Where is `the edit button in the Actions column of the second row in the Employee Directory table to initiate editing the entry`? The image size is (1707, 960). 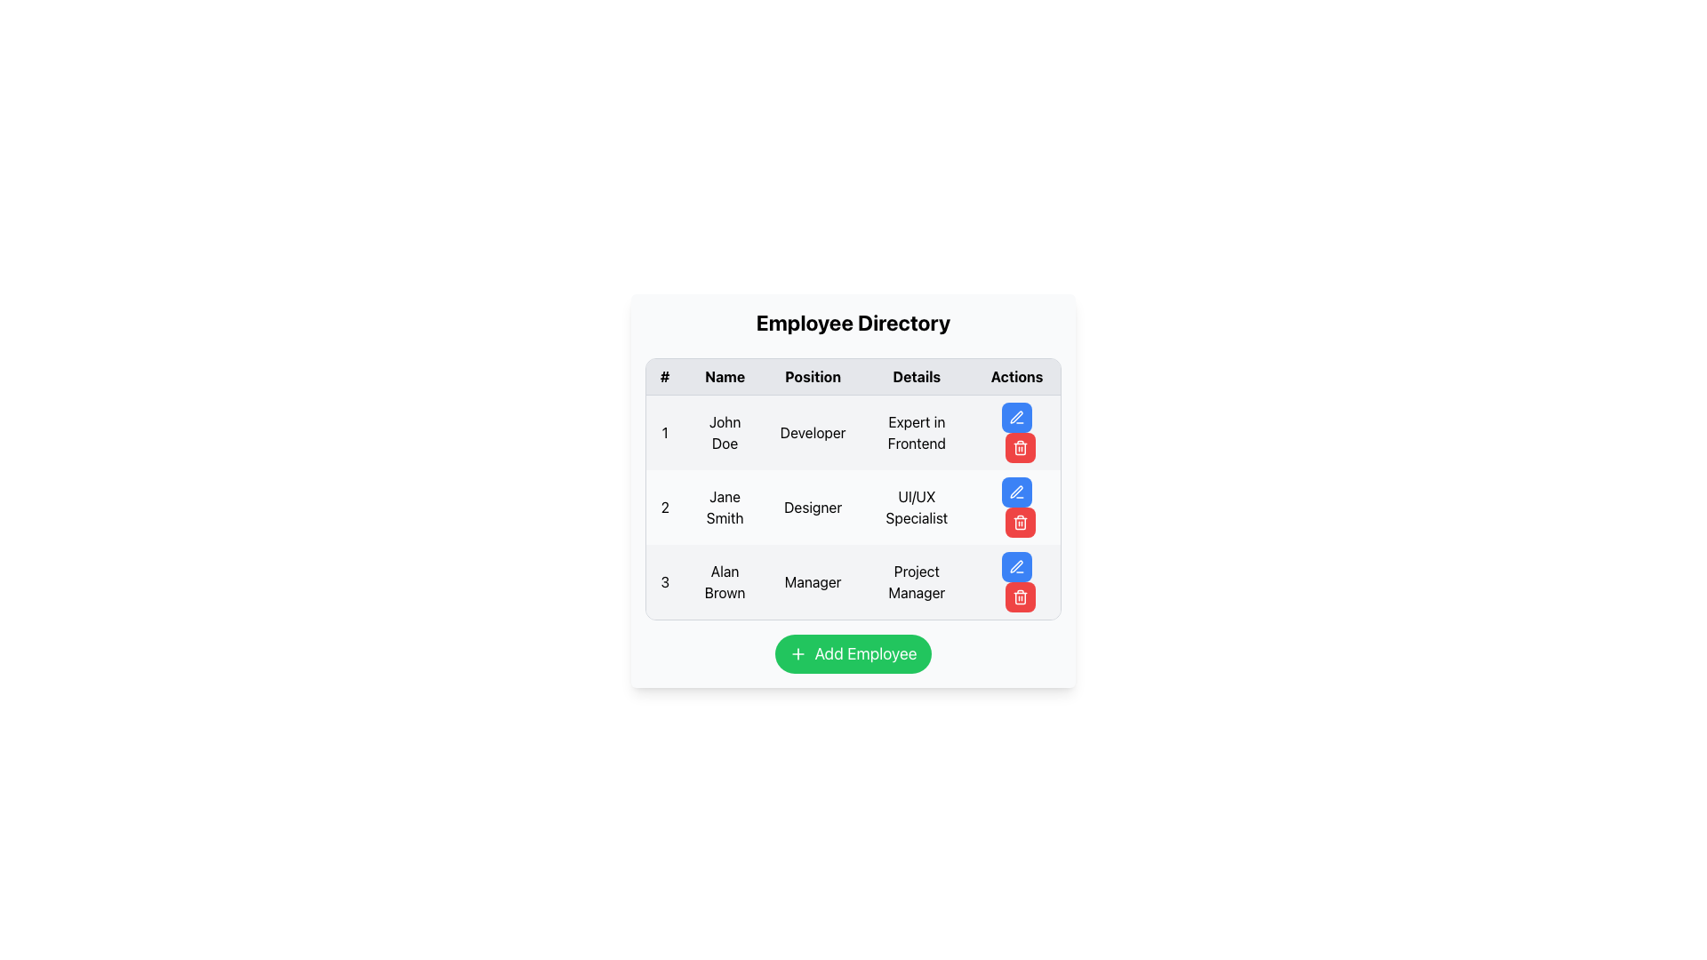
the edit button in the Actions column of the second row in the Employee Directory table to initiate editing the entry is located at coordinates (1016, 492).